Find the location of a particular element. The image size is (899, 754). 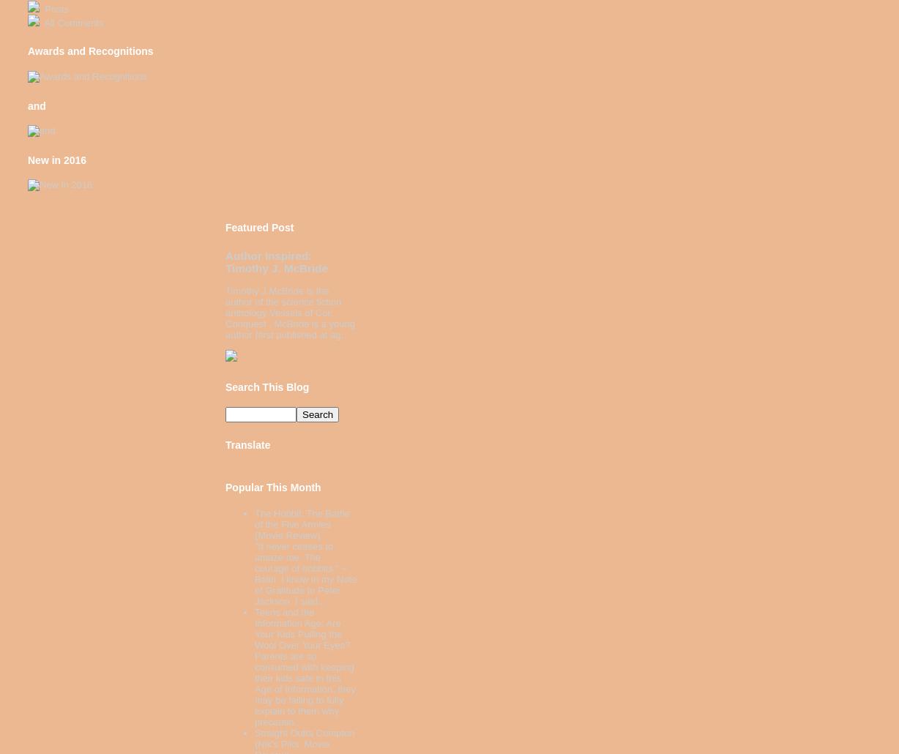

'"It never ceases to amaze me. The courage of hobbits." ~ Balin        I know in my Note of Gratitude to Peter Jackson  I said...' is located at coordinates (305, 573).